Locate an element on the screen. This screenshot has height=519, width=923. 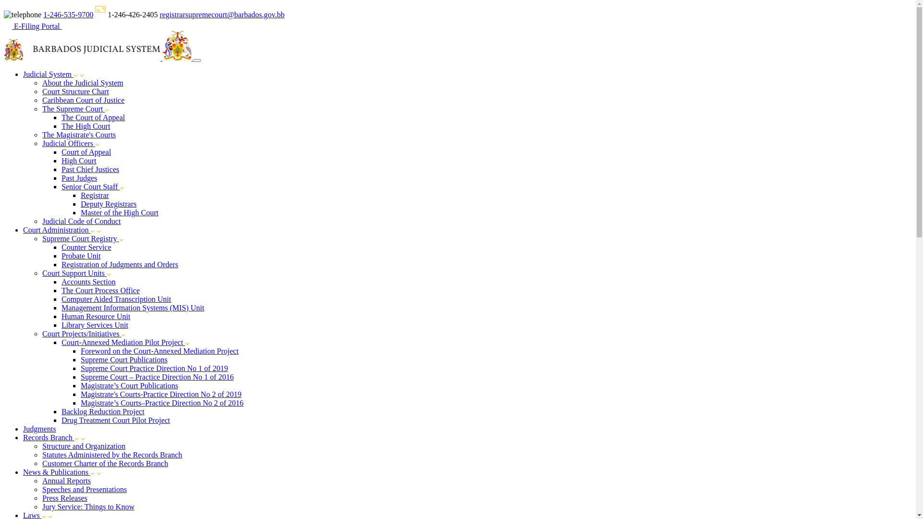
'Computer Aided Transcription Unit' is located at coordinates (61, 298).